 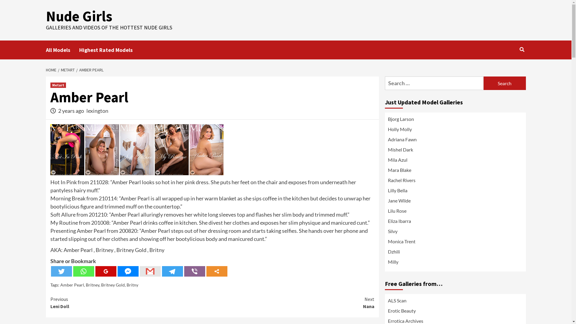 What do you see at coordinates (67, 69) in the screenshot?
I see `'METART'` at bounding box center [67, 69].